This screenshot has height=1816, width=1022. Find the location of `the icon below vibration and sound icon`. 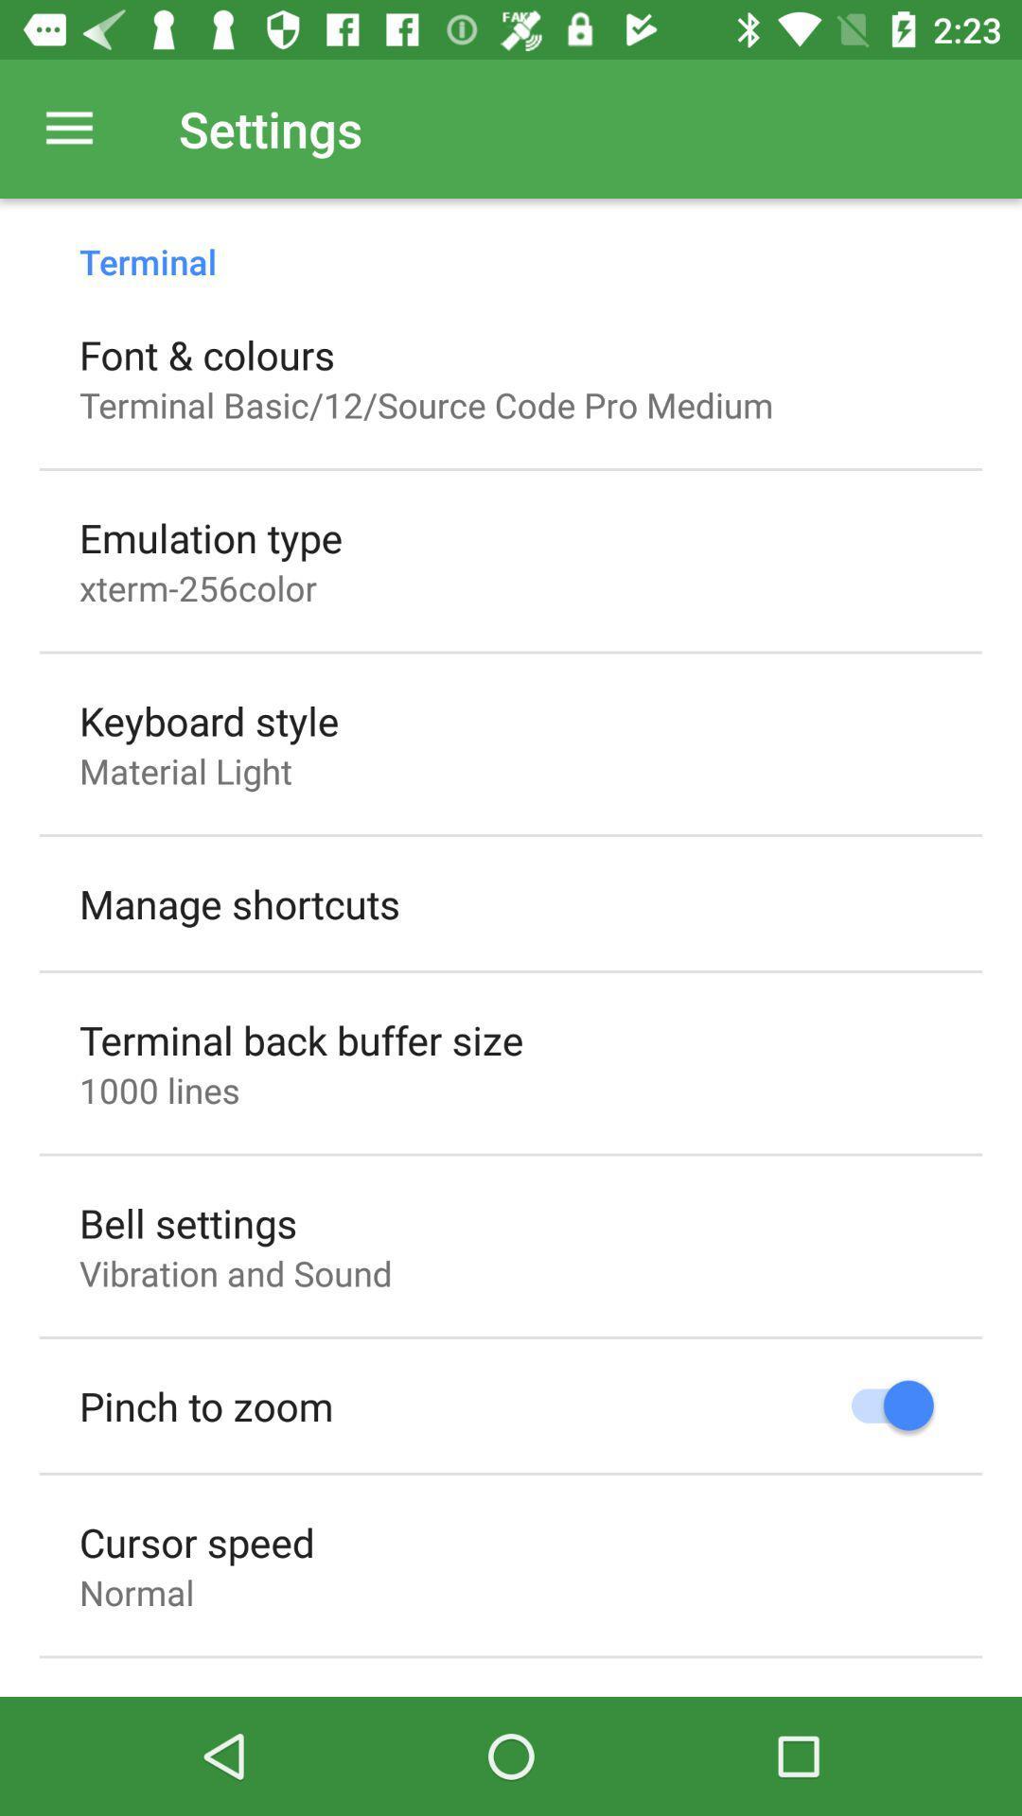

the icon below vibration and sound icon is located at coordinates (206, 1406).